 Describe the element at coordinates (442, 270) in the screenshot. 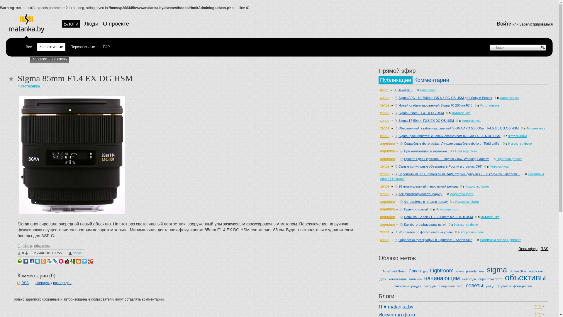

I see `'Lightroom'` at that location.